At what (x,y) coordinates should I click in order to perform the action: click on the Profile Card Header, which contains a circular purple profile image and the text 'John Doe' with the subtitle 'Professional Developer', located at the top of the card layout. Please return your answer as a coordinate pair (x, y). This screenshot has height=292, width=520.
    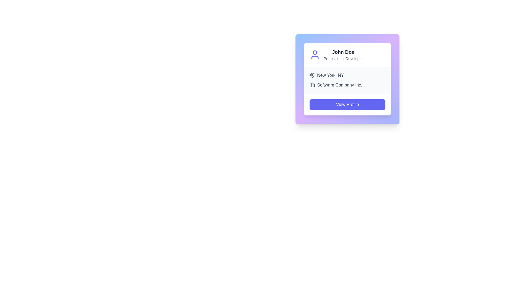
    Looking at the image, I should click on (347, 55).